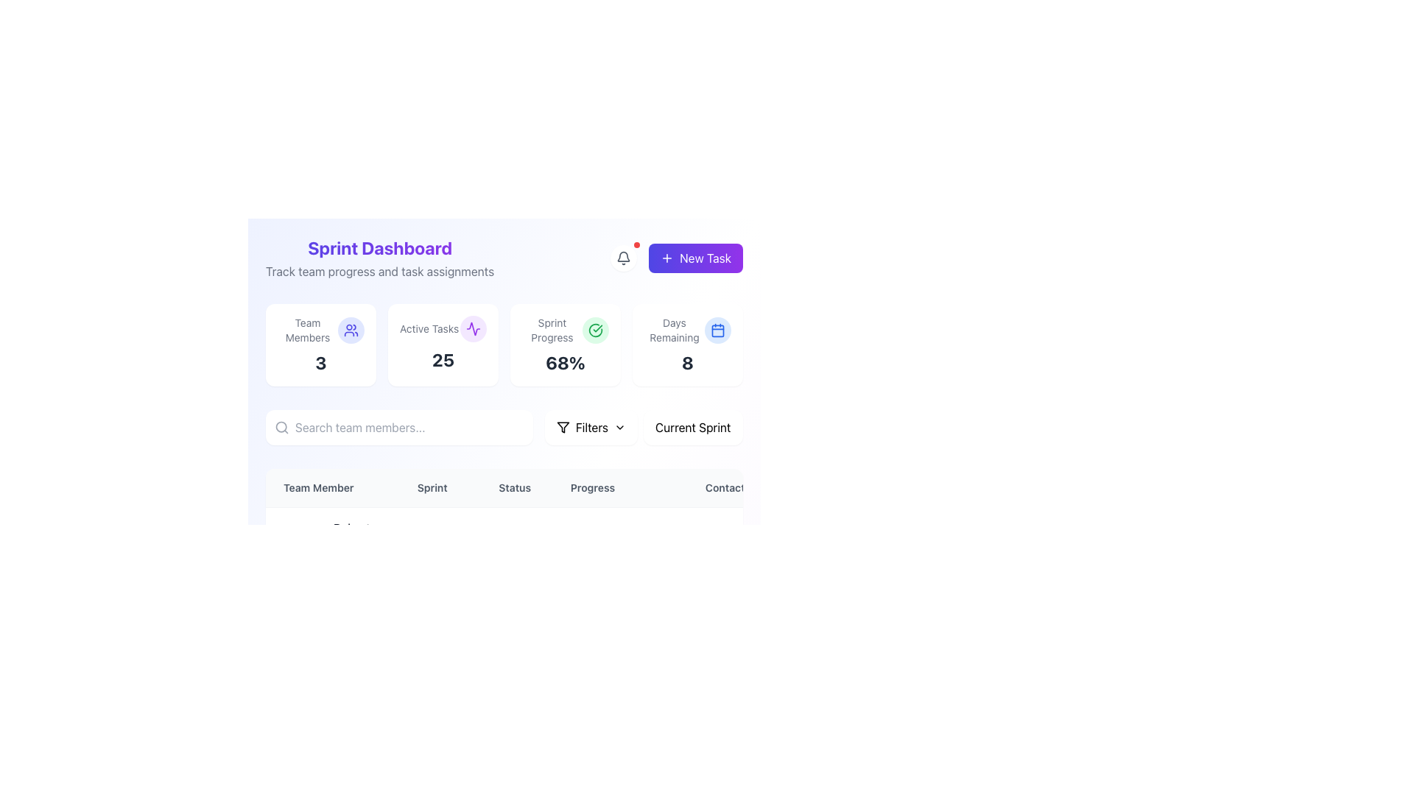 This screenshot has height=795, width=1414. Describe the element at coordinates (565, 345) in the screenshot. I see `the Card component displaying 'Sprint Progress' with the percentage '68%' and a green checkmark icon, which is the third card in a grid layout` at that location.